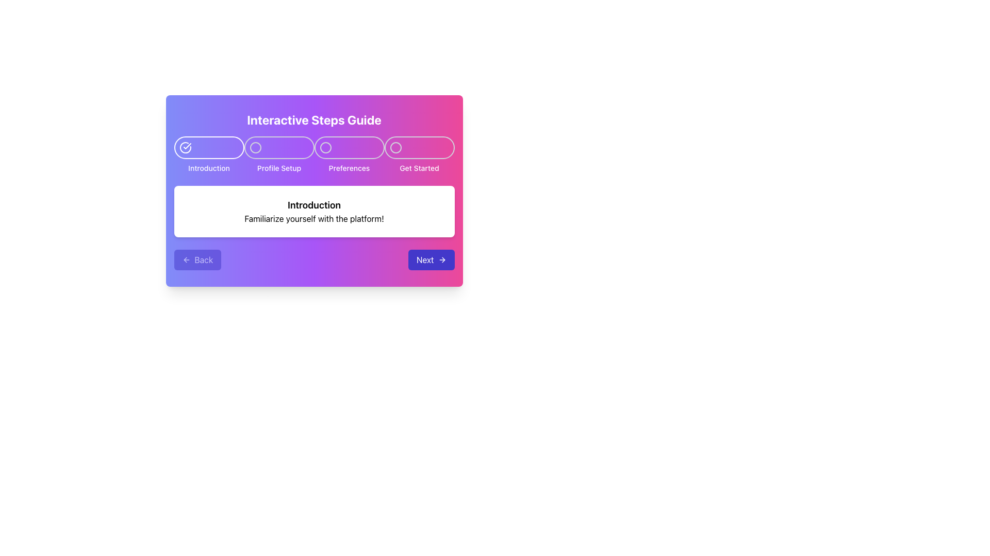 The width and height of the screenshot is (990, 556). Describe the element at coordinates (187, 146) in the screenshot. I see `the checkmark icon indicating the completion status of the 'Introduction' step in the guided process` at that location.